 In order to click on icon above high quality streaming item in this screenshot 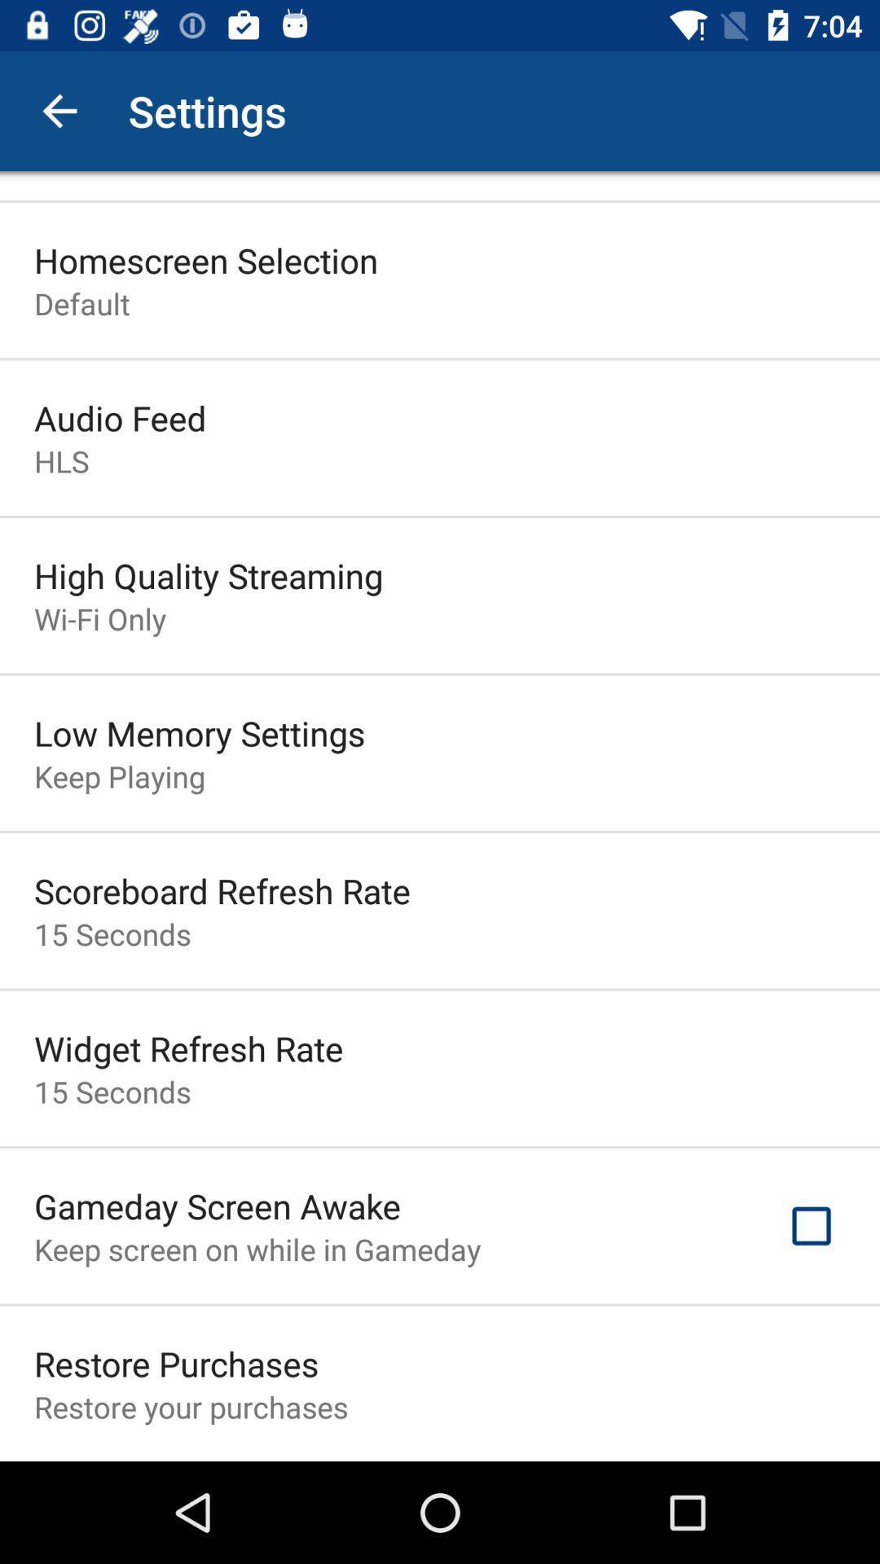, I will do `click(60, 460)`.